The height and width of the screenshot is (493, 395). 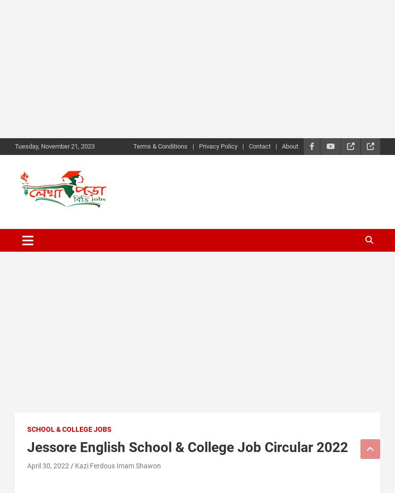 What do you see at coordinates (101, 227) in the screenshot?
I see `'Lekhapora BD Jobs'` at bounding box center [101, 227].